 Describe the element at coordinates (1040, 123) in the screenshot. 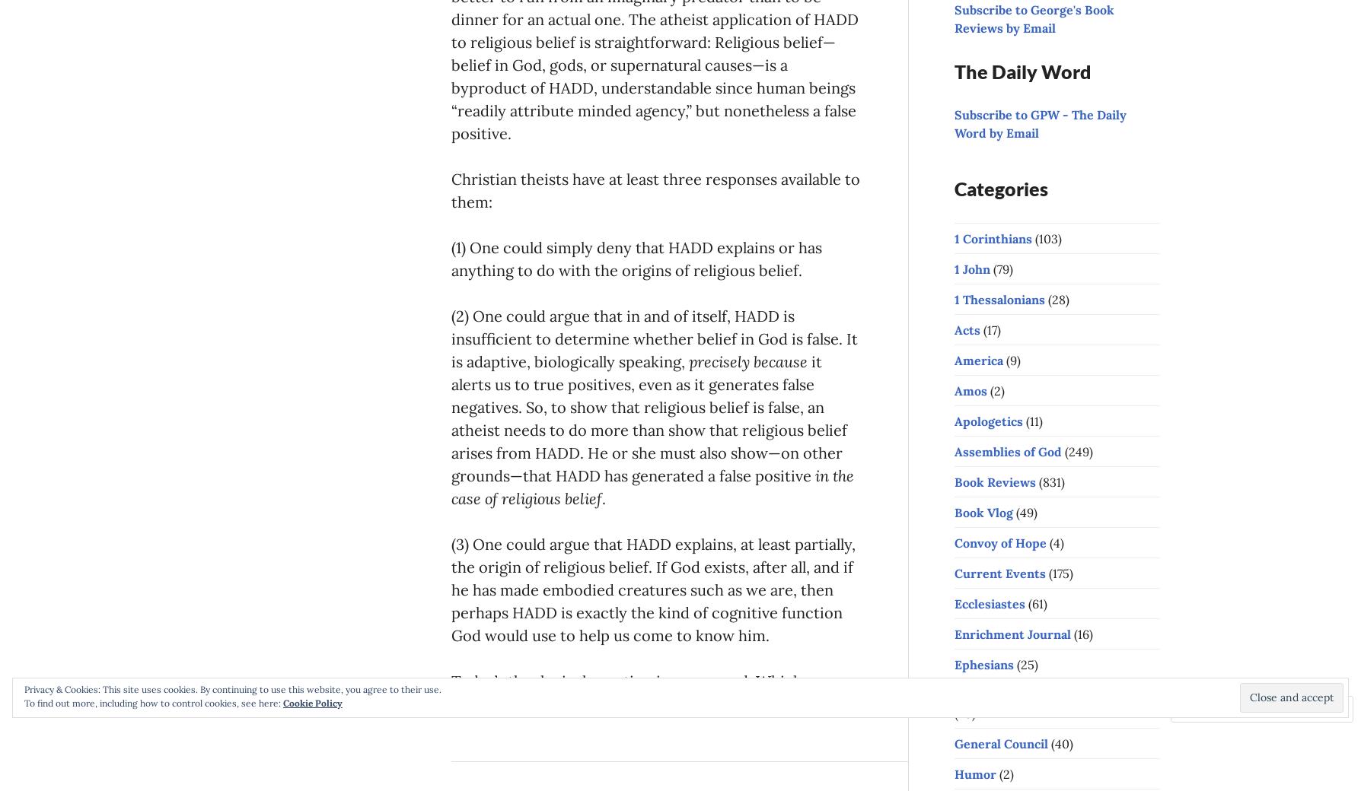

I see `'Subscribe to GPW - The Daily Word by Email'` at that location.